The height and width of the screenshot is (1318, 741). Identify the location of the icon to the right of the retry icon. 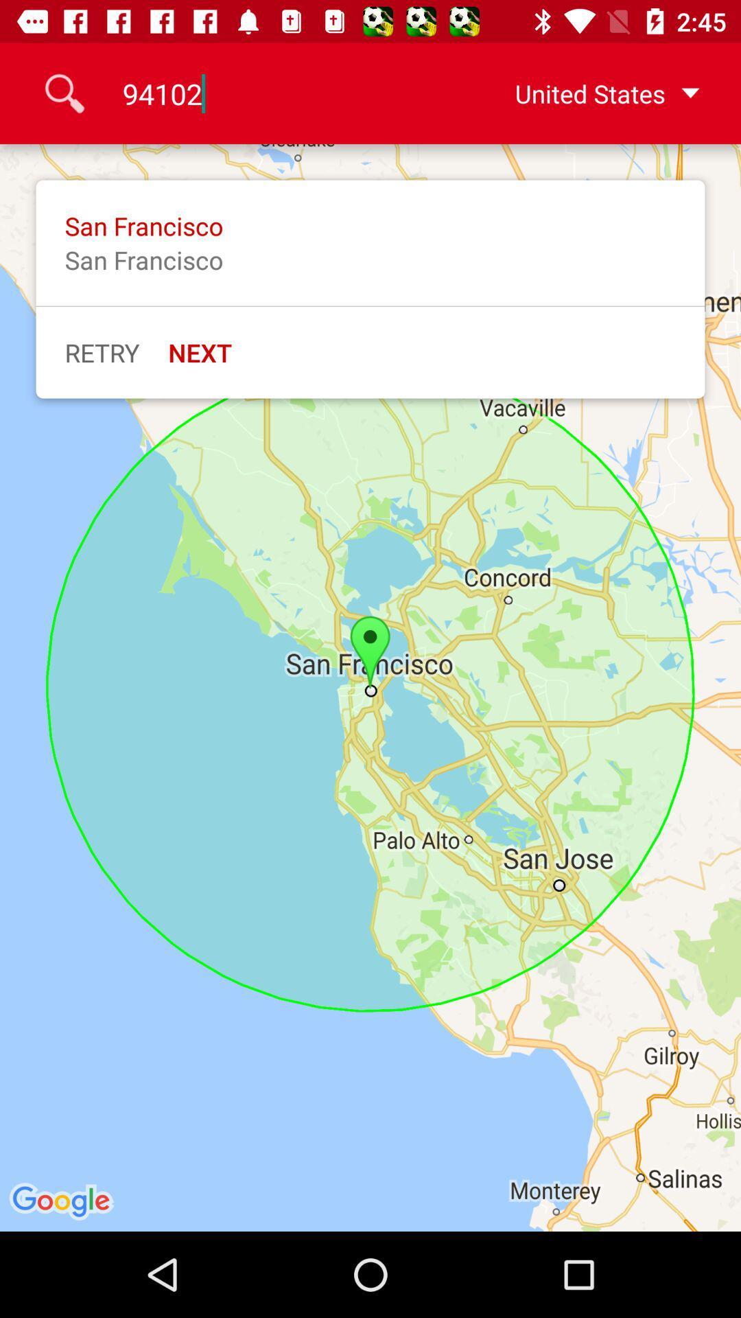
(200, 352).